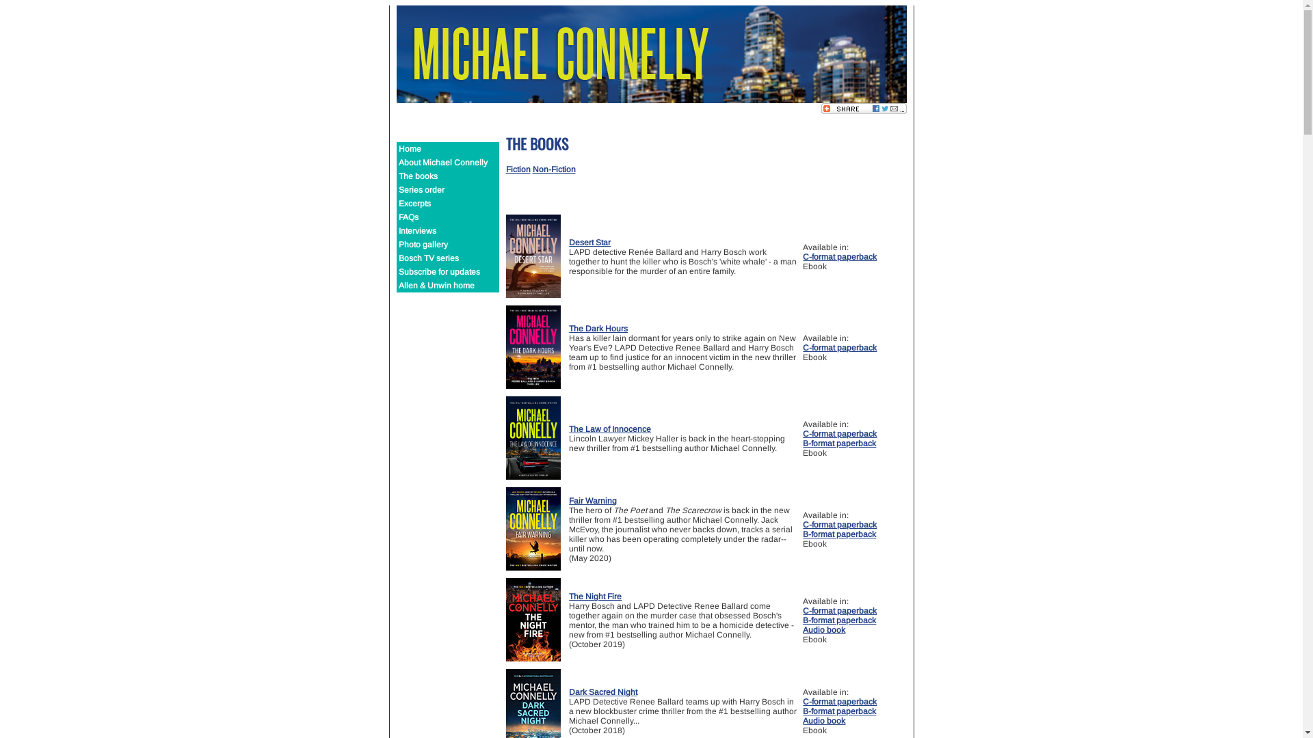 This screenshot has height=738, width=1313. What do you see at coordinates (447, 189) in the screenshot?
I see `'Series order'` at bounding box center [447, 189].